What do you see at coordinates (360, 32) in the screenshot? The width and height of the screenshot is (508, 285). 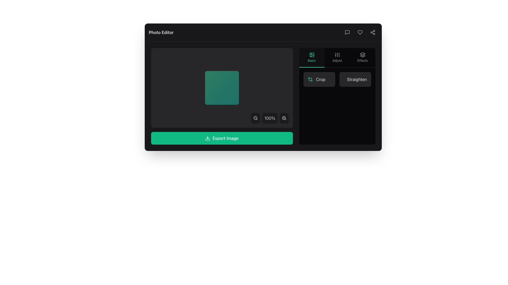 I see `the 'like' or 'favorite' icon button located in the header section, which is the second element in the group of interactive icons` at bounding box center [360, 32].